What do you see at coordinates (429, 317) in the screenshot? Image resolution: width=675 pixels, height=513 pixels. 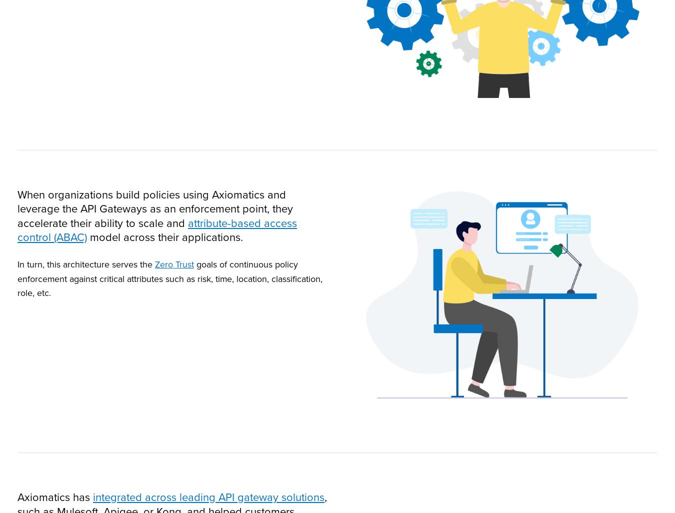 I see `'White Papers'` at bounding box center [429, 317].